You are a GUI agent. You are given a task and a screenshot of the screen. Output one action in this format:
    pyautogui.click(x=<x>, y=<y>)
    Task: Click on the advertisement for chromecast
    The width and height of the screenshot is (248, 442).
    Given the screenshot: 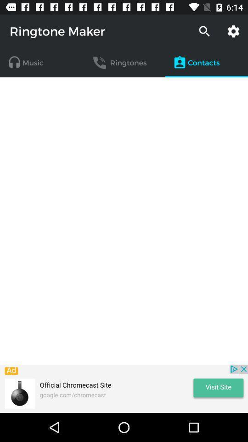 What is the action you would take?
    pyautogui.click(x=124, y=388)
    